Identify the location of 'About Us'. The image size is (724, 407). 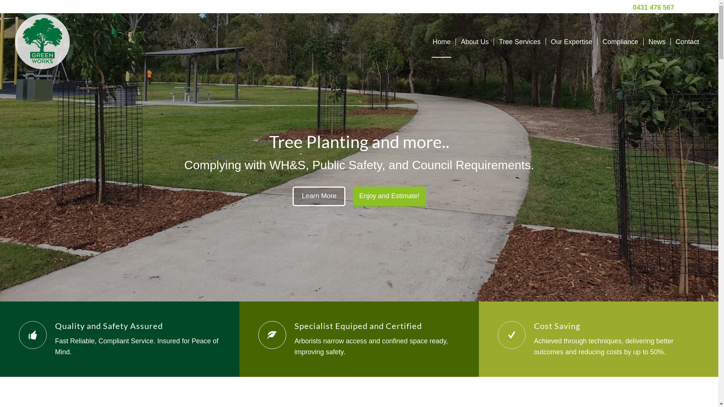
(474, 42).